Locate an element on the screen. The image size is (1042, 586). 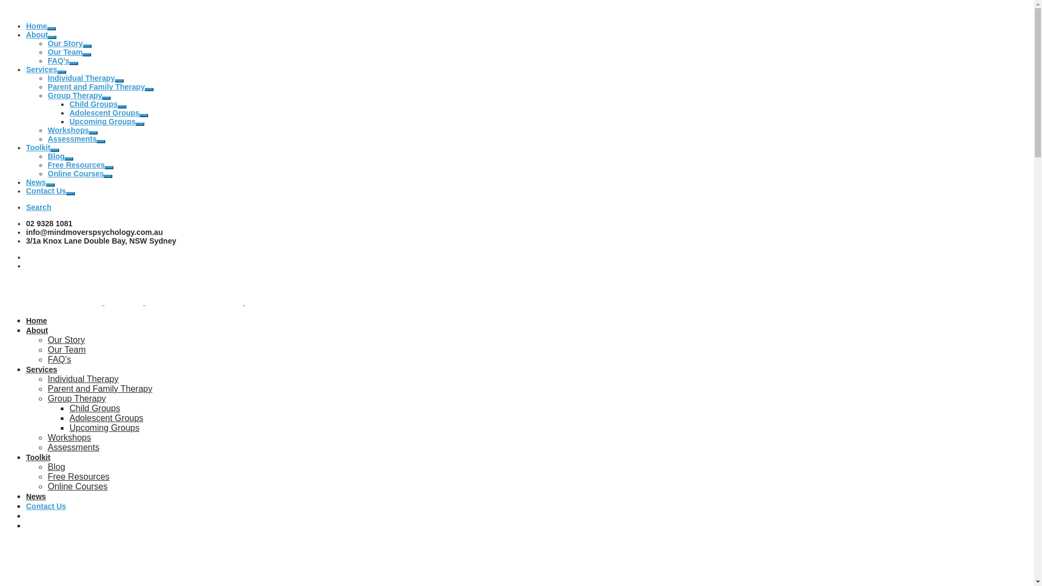
'Blog' is located at coordinates (47, 156).